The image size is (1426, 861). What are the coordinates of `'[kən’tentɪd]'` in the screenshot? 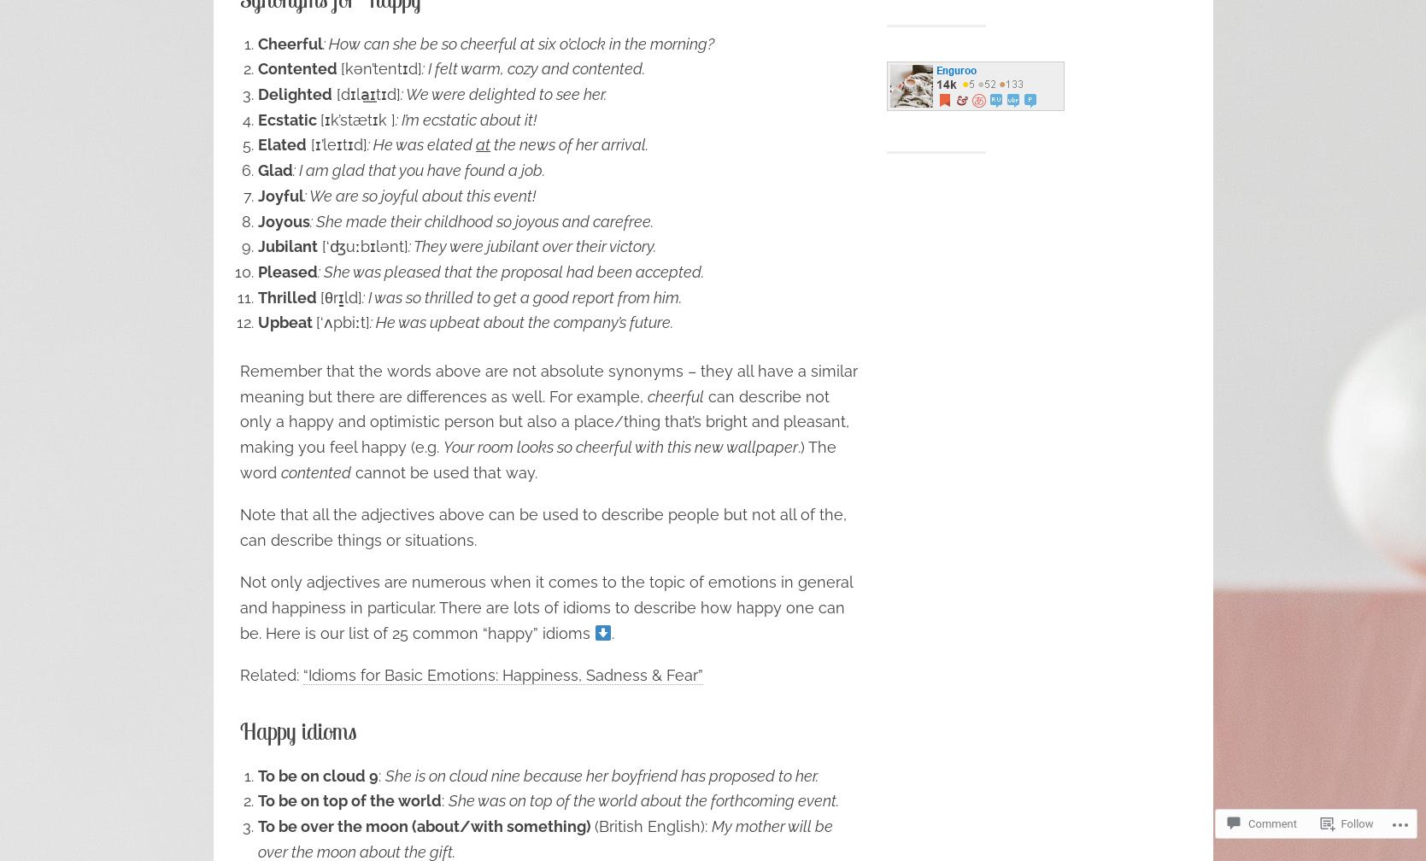 It's located at (380, 68).